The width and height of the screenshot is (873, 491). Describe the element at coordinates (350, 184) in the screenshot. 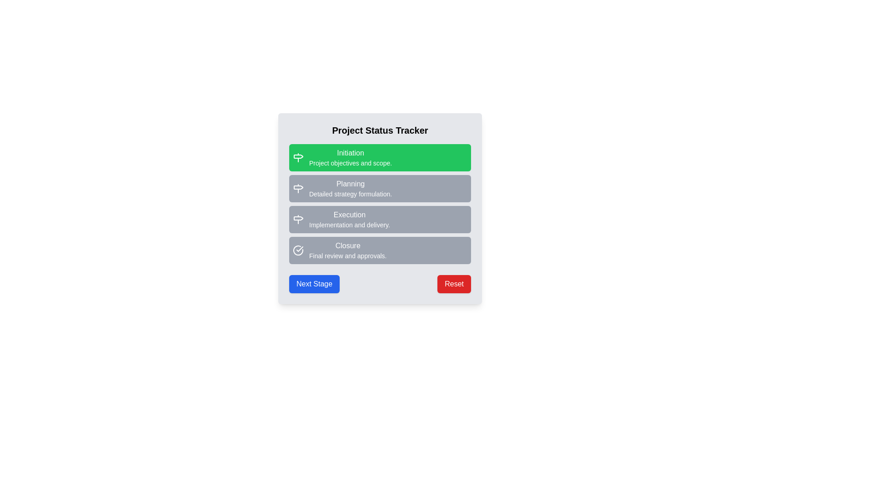

I see `the 'Planning' Text Label, which indicates the stage of the progress tracker in the second section of the four-step vertical progress` at that location.